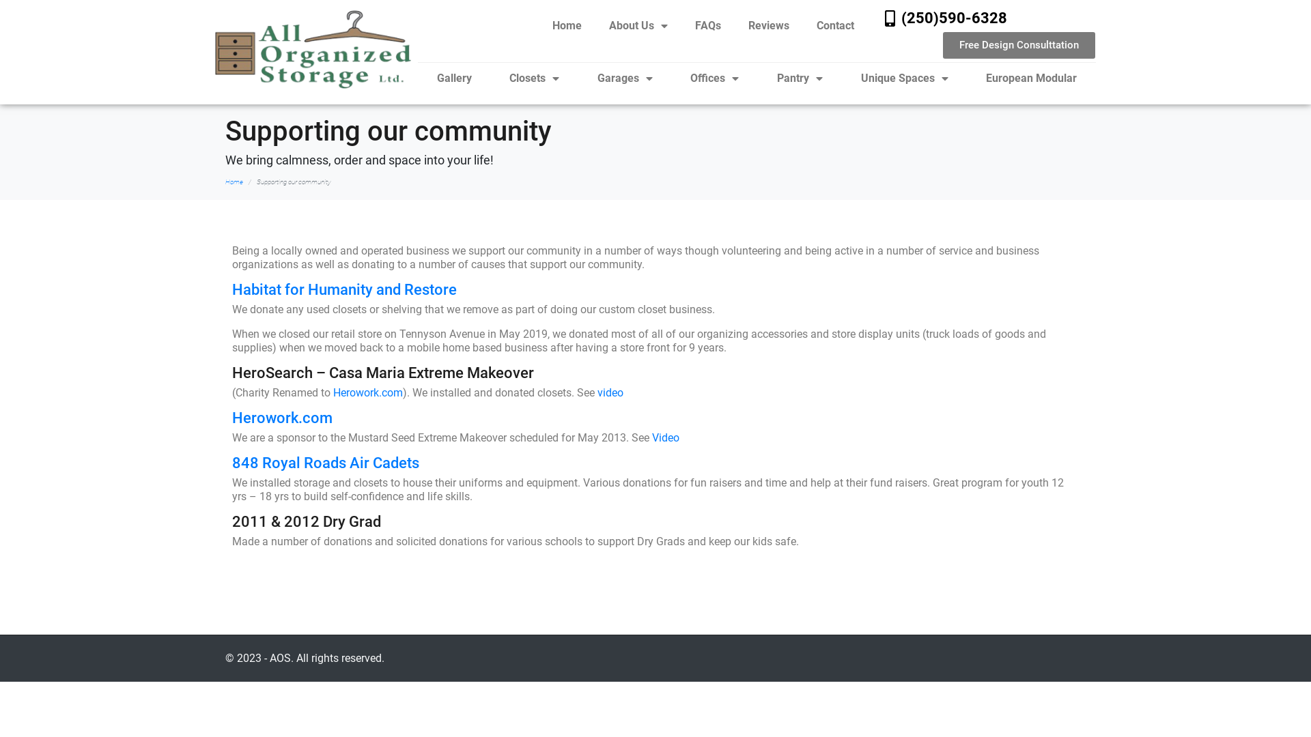 Image resolution: width=1311 pixels, height=737 pixels. What do you see at coordinates (651, 437) in the screenshot?
I see `'Video'` at bounding box center [651, 437].